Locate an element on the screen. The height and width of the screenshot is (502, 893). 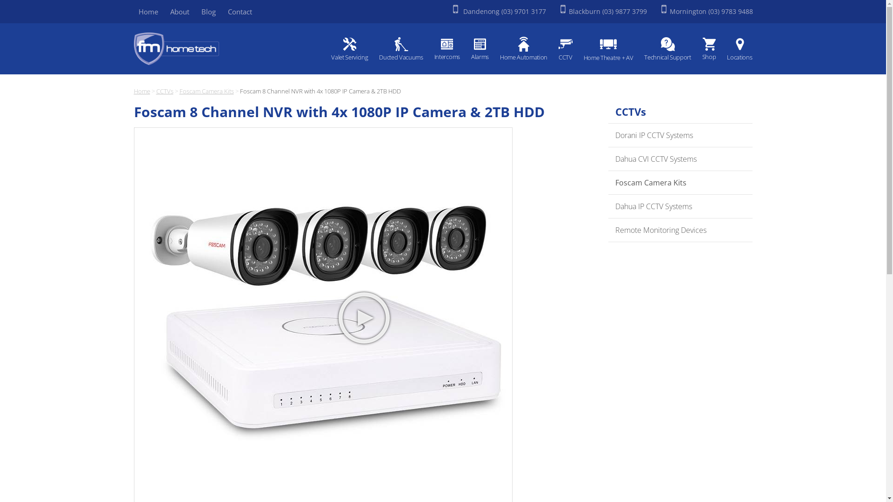
'Mornington' is located at coordinates (688, 11).